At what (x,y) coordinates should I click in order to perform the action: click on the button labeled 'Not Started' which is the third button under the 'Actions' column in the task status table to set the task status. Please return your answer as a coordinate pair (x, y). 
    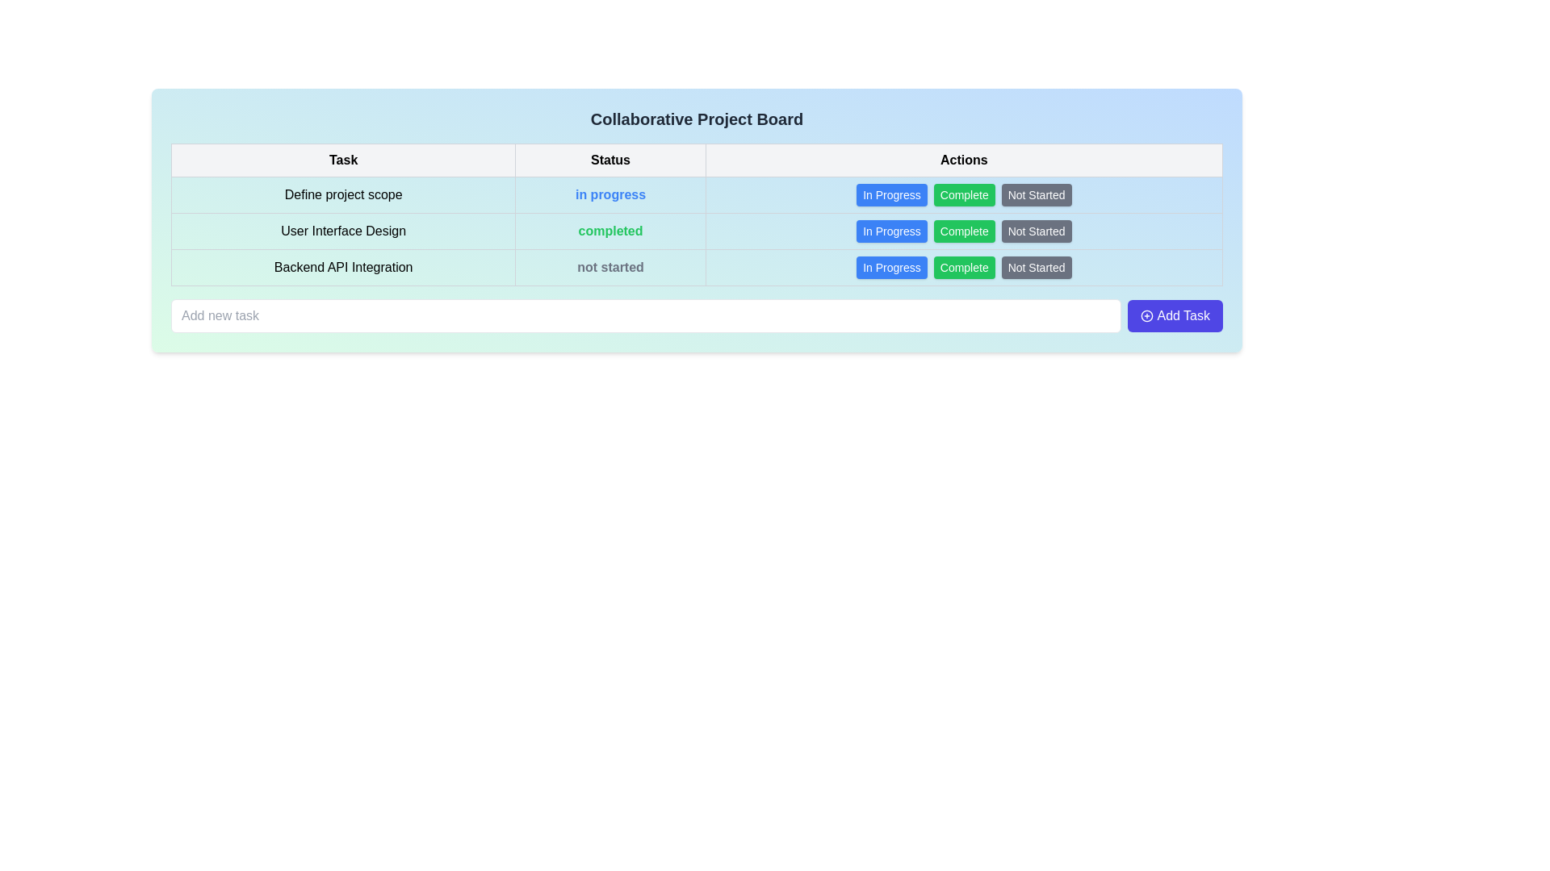
    Looking at the image, I should click on (1037, 231).